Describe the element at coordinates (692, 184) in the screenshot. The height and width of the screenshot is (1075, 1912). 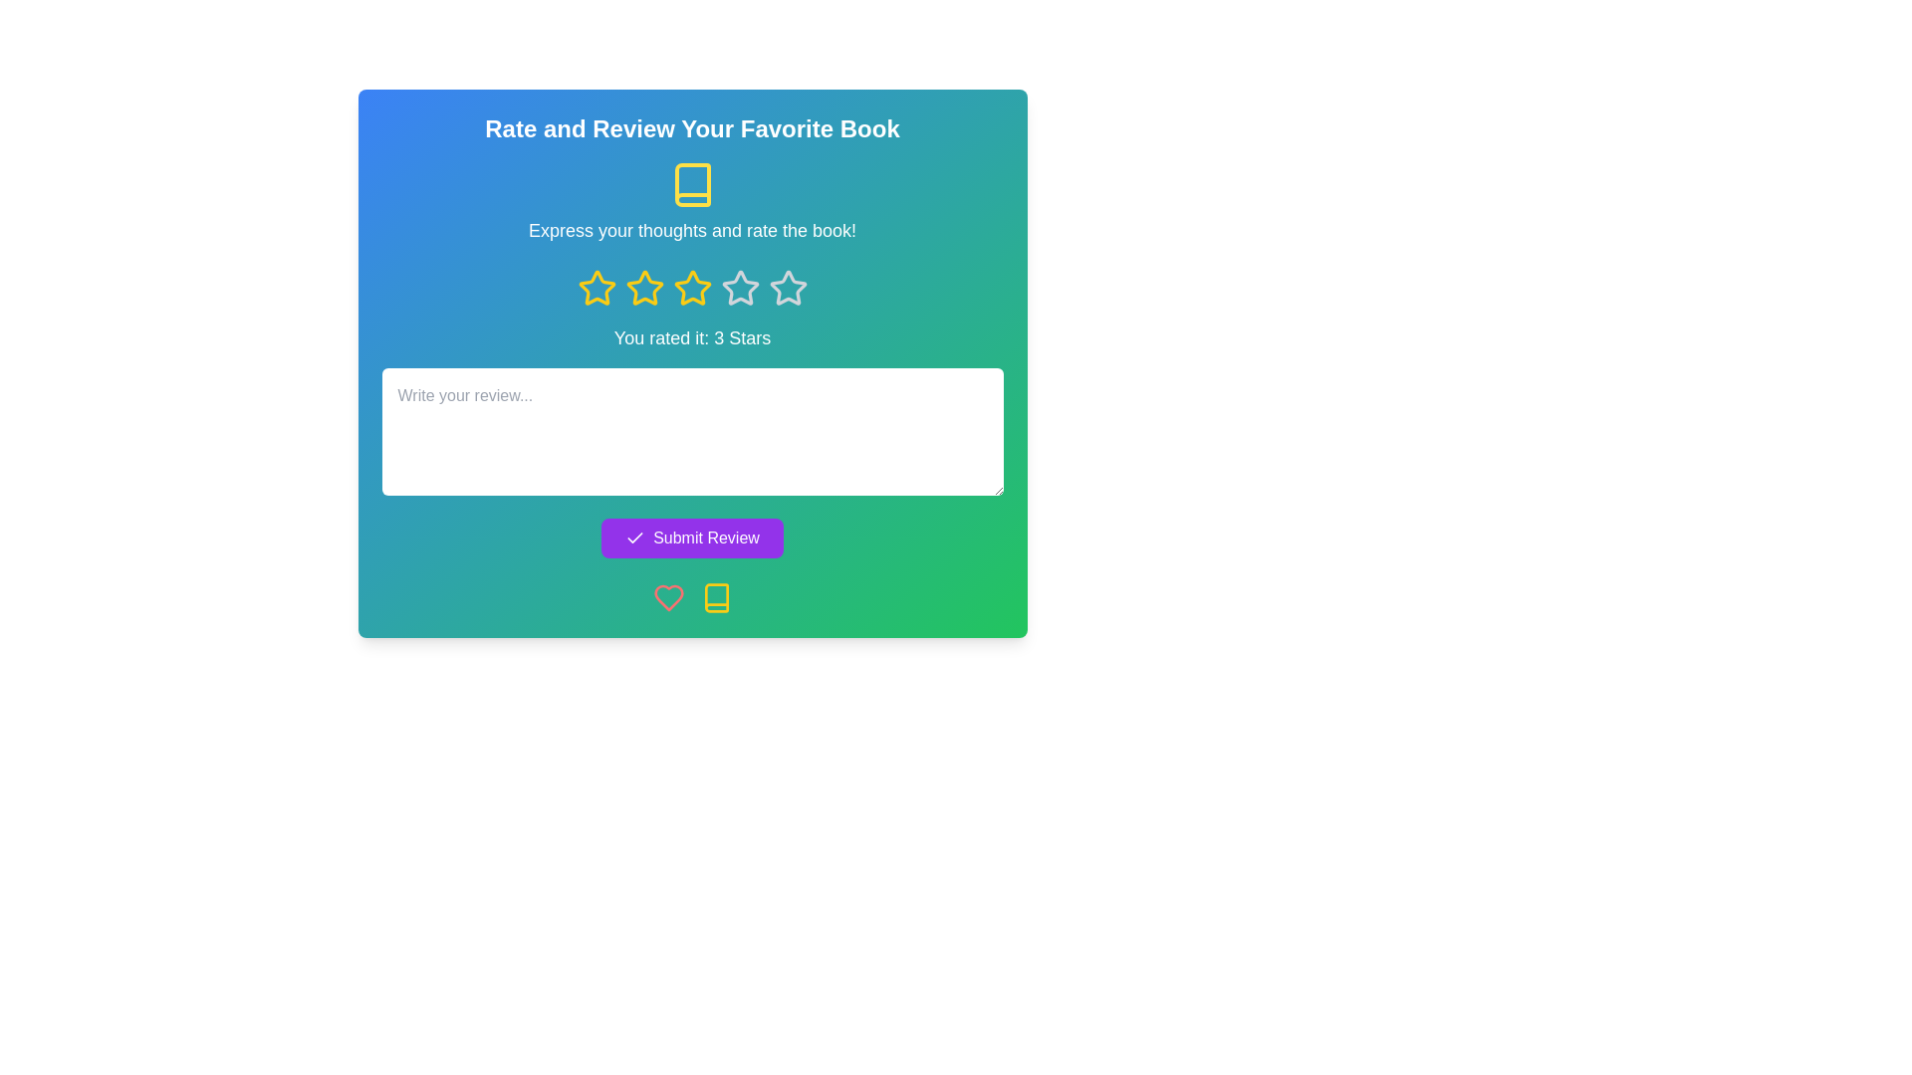
I see `the graphical icon resembling a book, which is yellow with rounded edges and horizontal lines, located above the text 'Express your thoughts and rate the book!' in the 'Rate and Review Your Favorite Book' section` at that location.